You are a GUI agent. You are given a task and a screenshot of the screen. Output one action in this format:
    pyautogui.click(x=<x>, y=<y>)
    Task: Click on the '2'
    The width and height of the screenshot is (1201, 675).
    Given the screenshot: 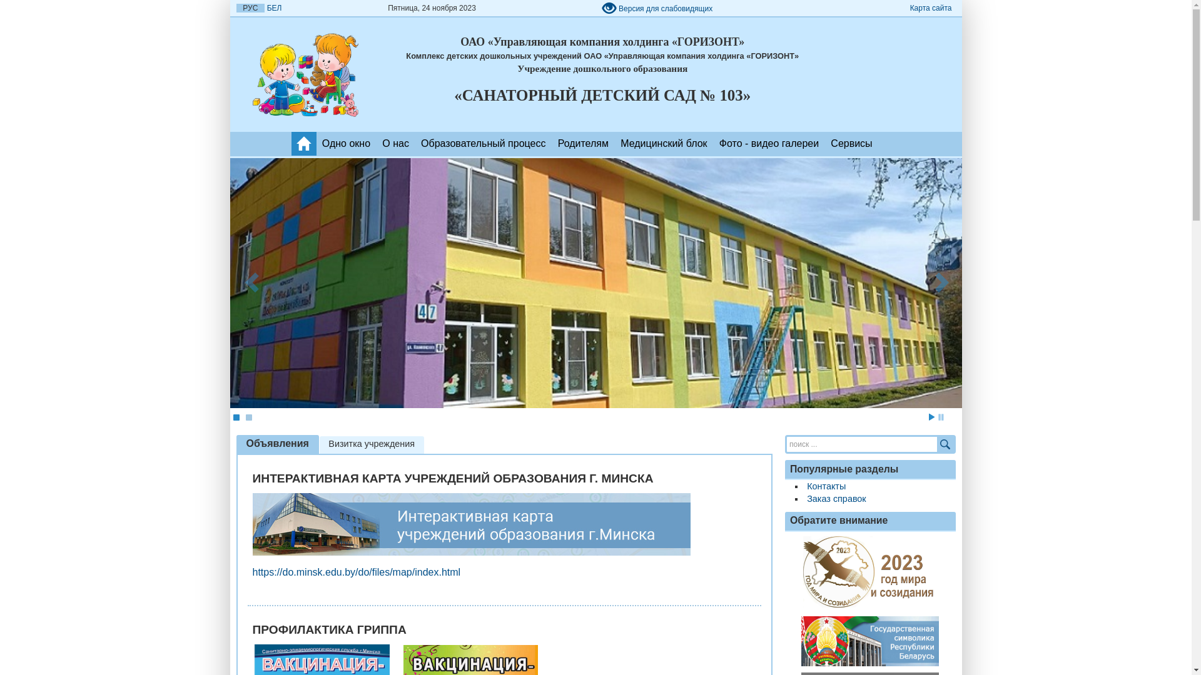 What is the action you would take?
    pyautogui.click(x=248, y=417)
    